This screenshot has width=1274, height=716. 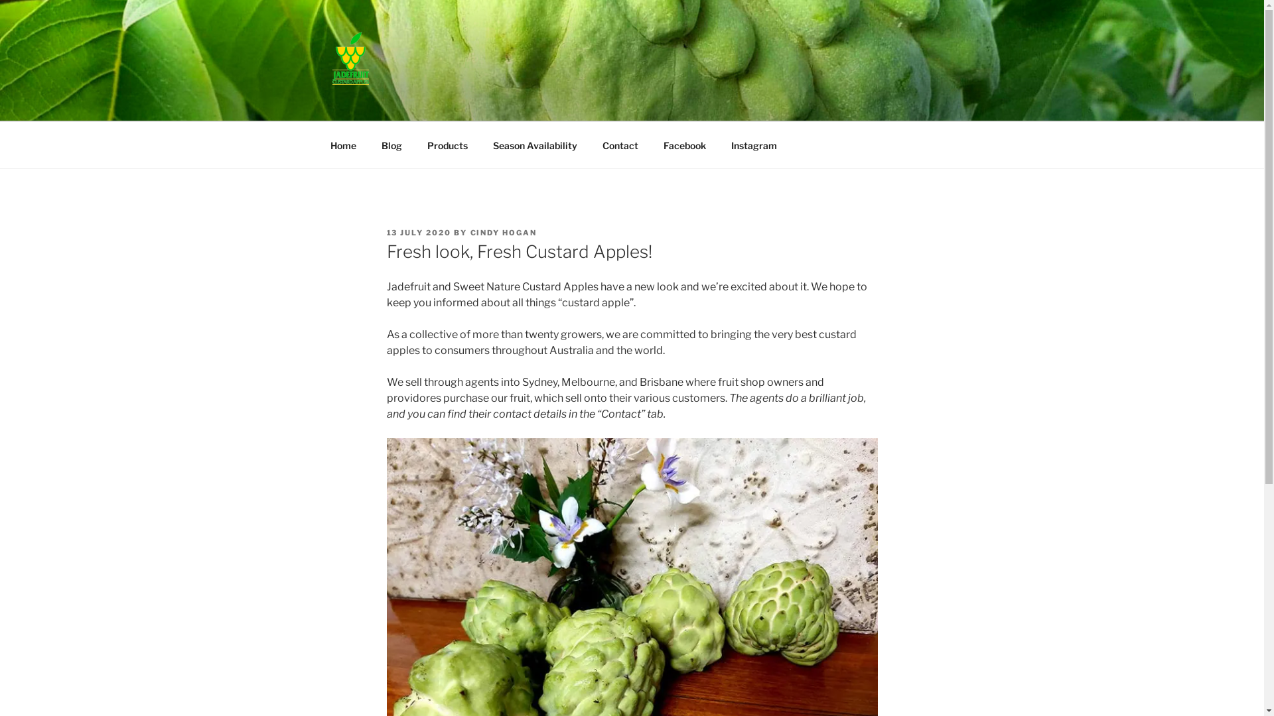 I want to click on '13 JULY 2020', so click(x=417, y=232).